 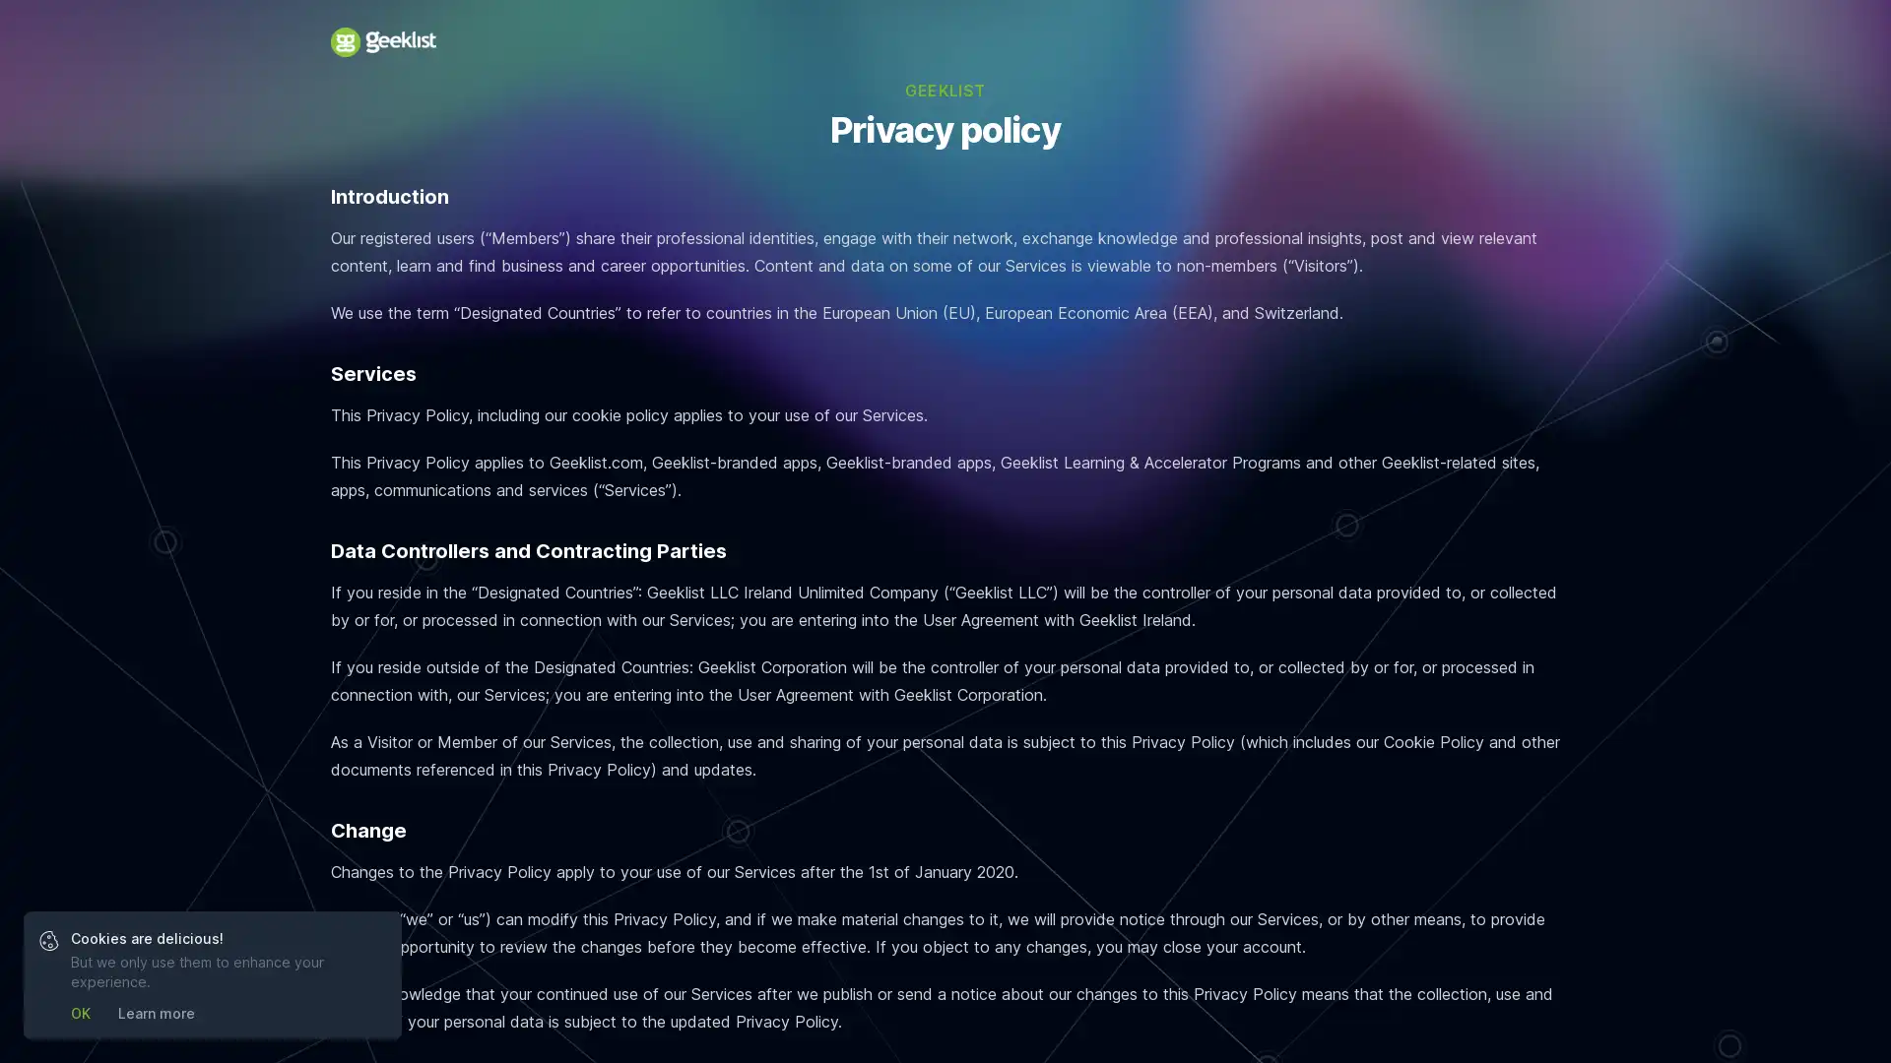 What do you see at coordinates (79, 1013) in the screenshot?
I see `OK` at bounding box center [79, 1013].